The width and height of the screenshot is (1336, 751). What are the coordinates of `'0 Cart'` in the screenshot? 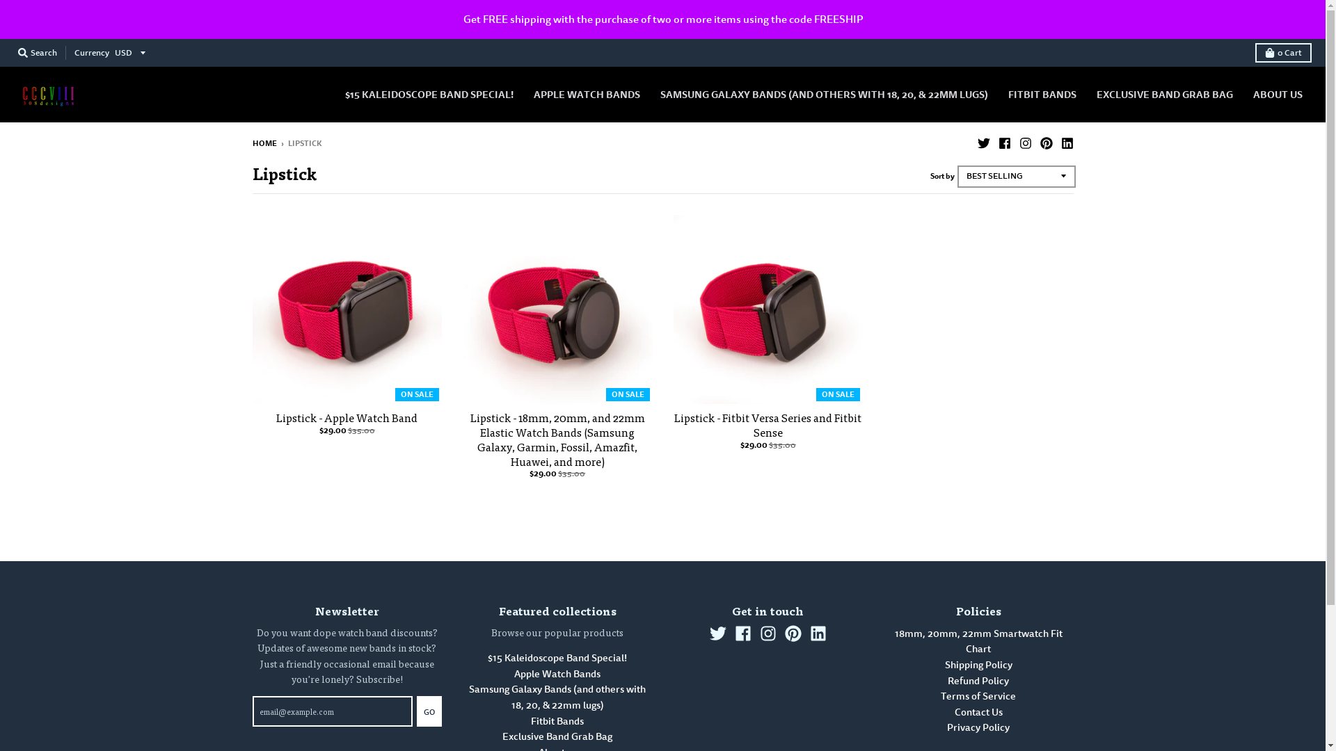 It's located at (1282, 52).